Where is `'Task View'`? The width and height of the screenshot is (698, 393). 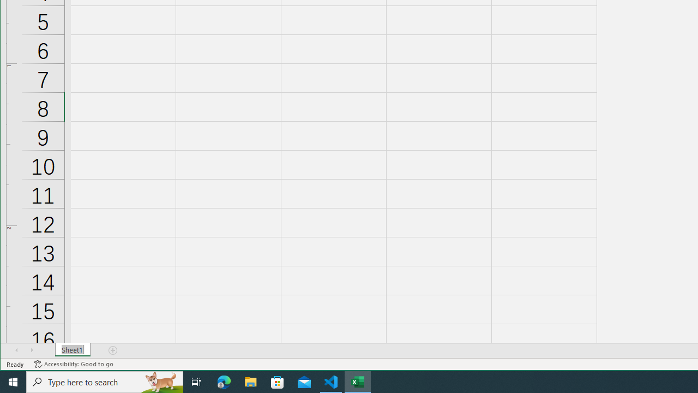
'Task View' is located at coordinates (196, 381).